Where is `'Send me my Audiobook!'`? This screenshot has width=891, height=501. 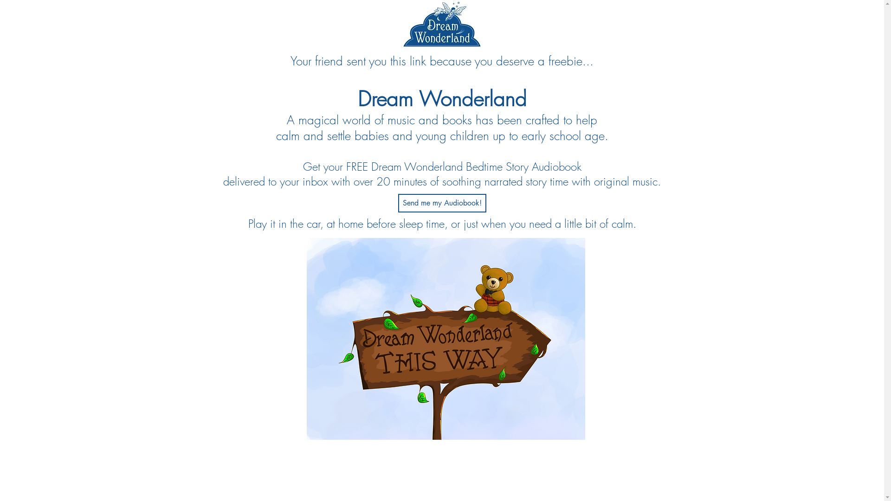 'Send me my Audiobook!' is located at coordinates (442, 203).